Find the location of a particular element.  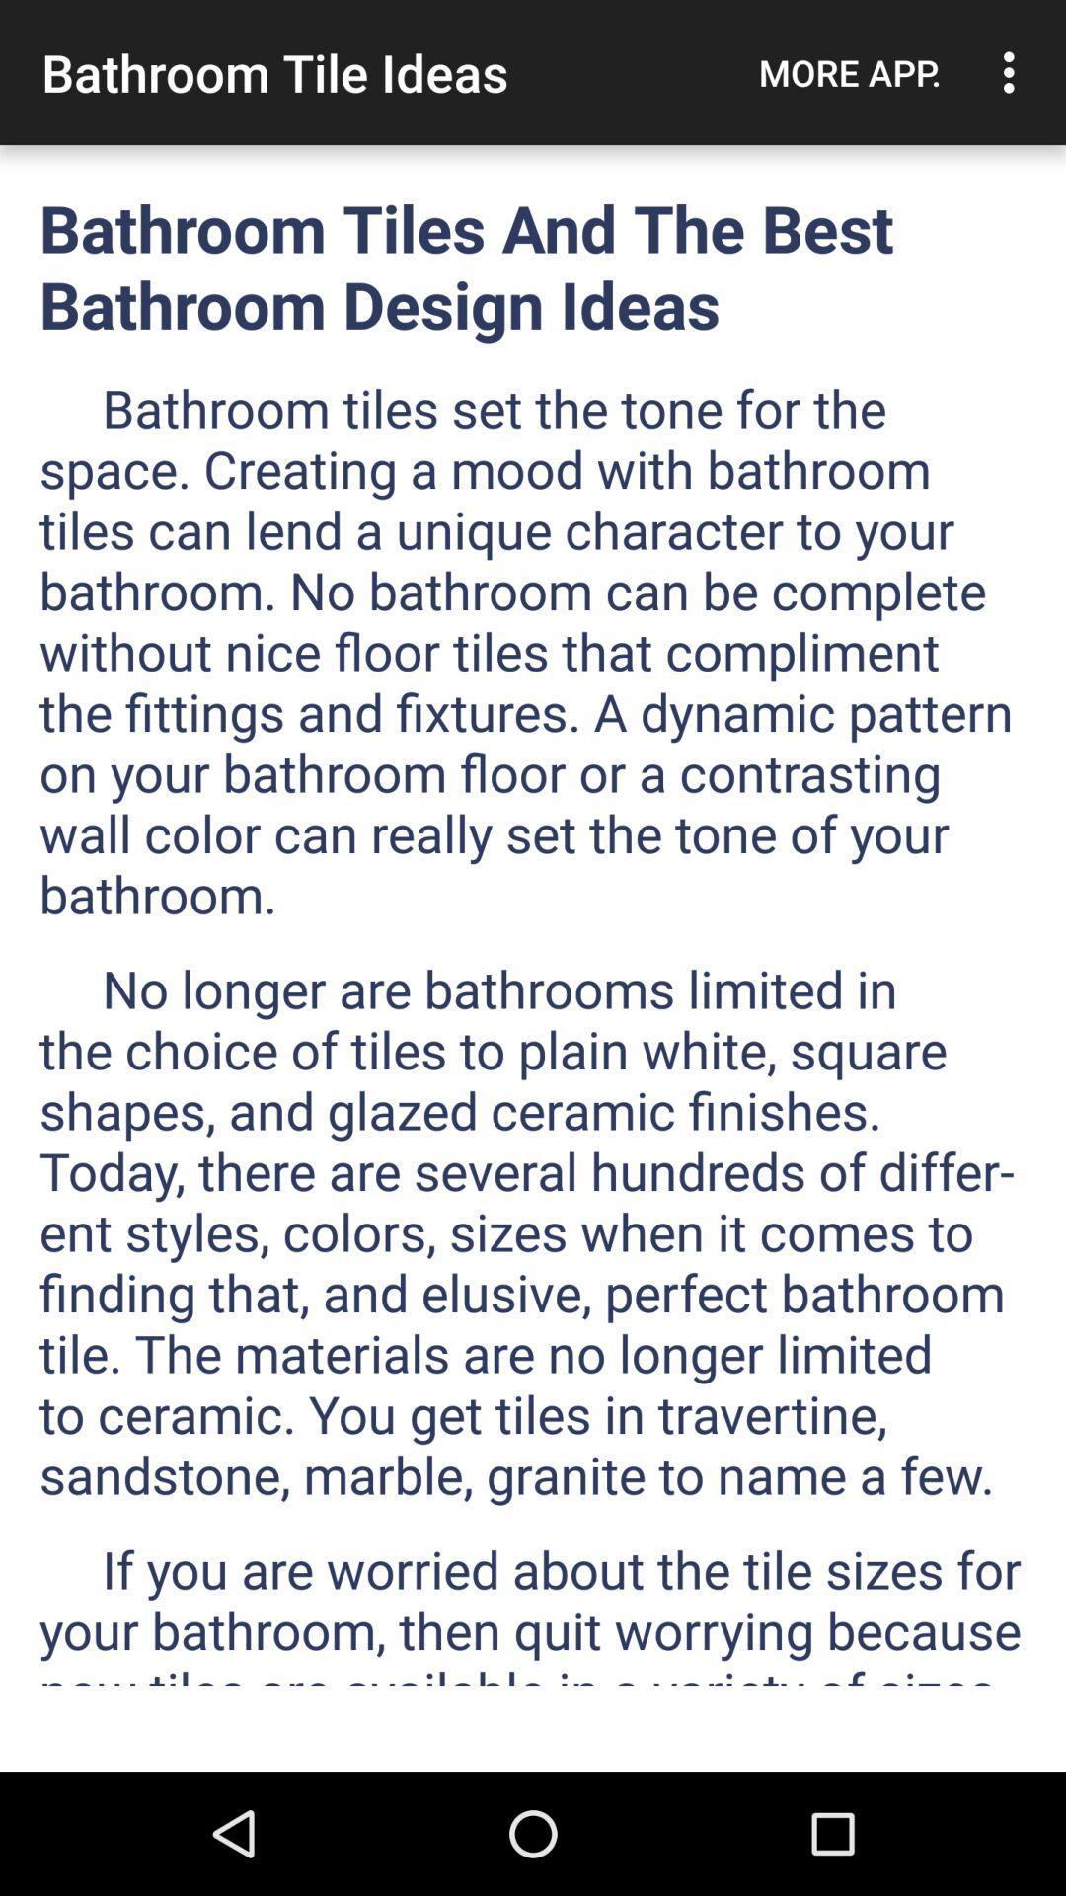

more app. item is located at coordinates (849, 72).